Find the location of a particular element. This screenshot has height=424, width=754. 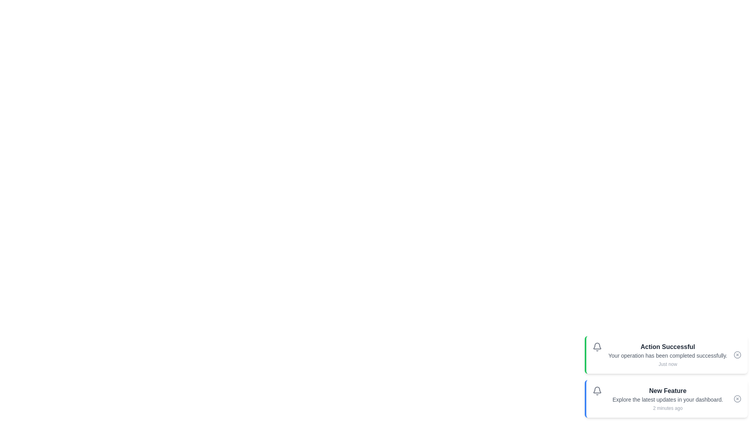

the dismiss button located in the bottom-right corner of the notification card titled 'New Feature' is located at coordinates (737, 398).